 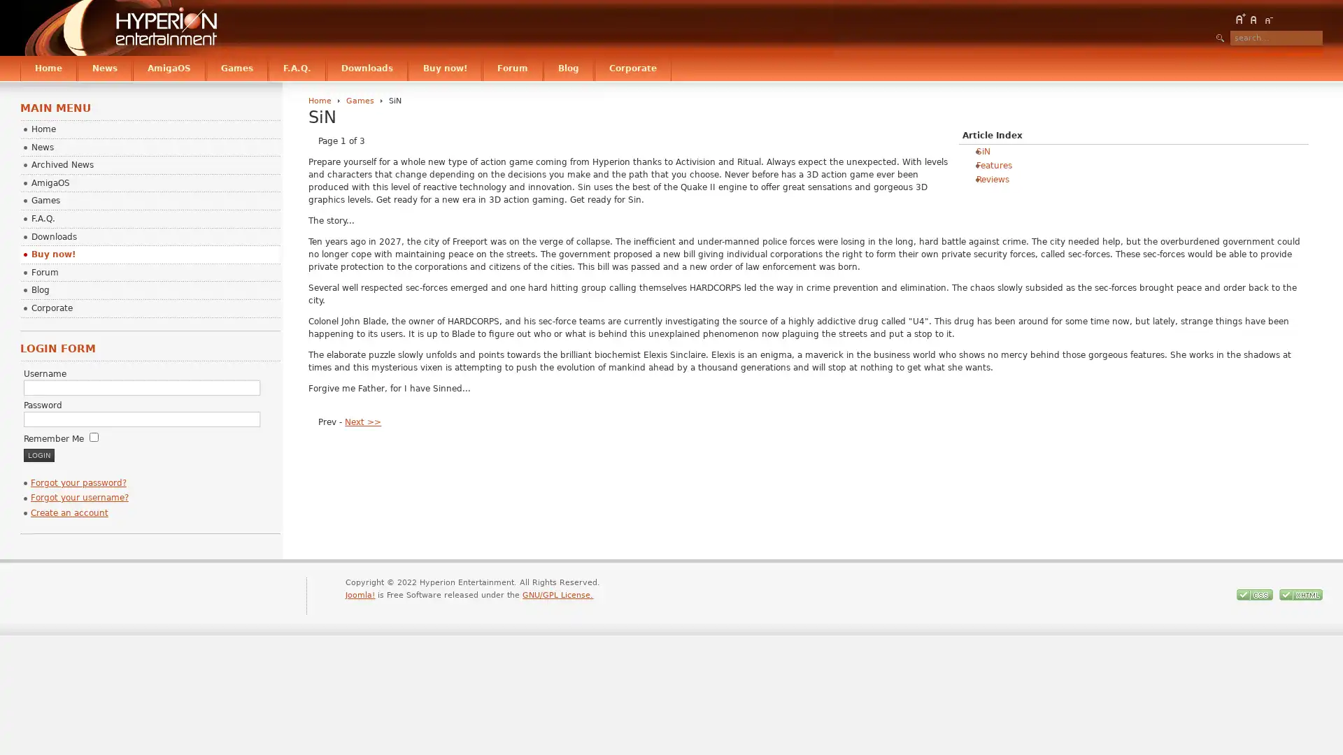 What do you see at coordinates (38, 454) in the screenshot?
I see `Login` at bounding box center [38, 454].